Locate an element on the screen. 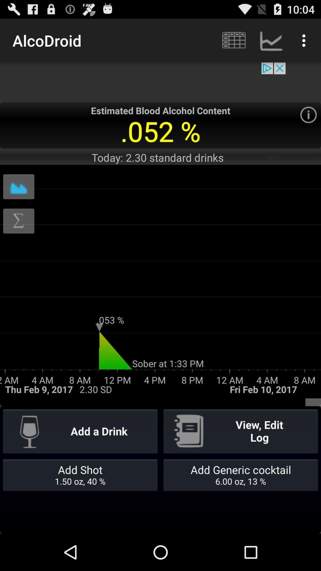  log content is located at coordinates (18, 221).